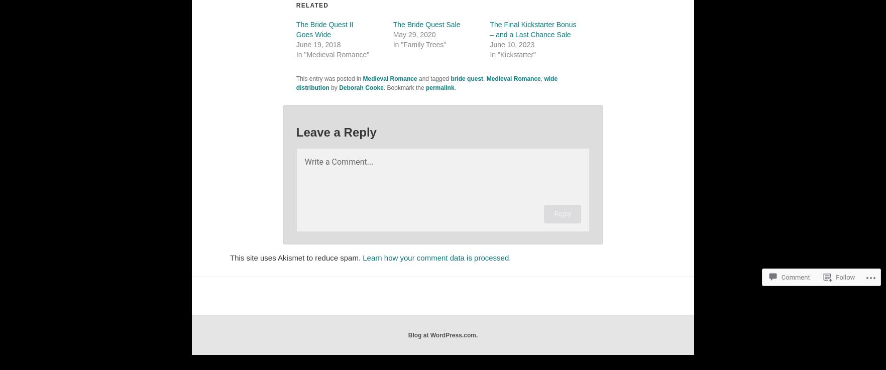  What do you see at coordinates (329, 78) in the screenshot?
I see `'This entry was posted in'` at bounding box center [329, 78].